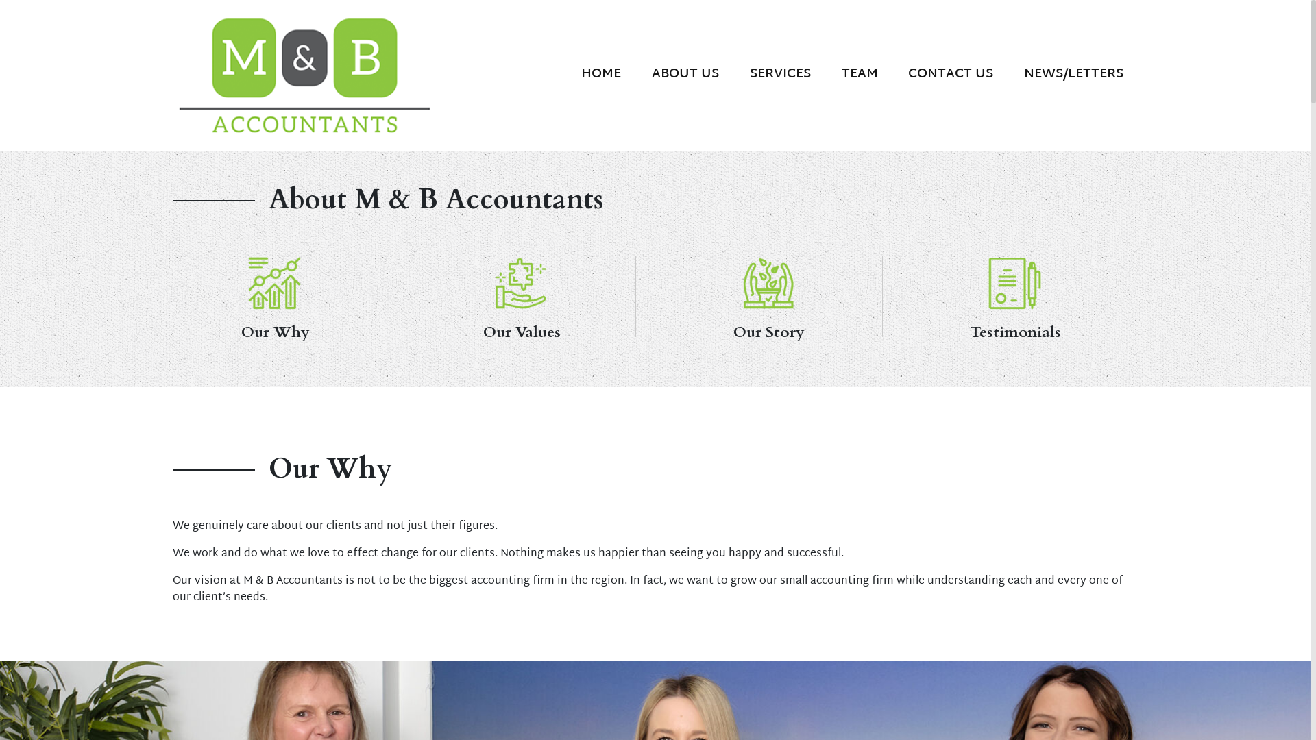 The height and width of the screenshot is (740, 1316). Describe the element at coordinates (565, 73) in the screenshot. I see `'HOME'` at that location.